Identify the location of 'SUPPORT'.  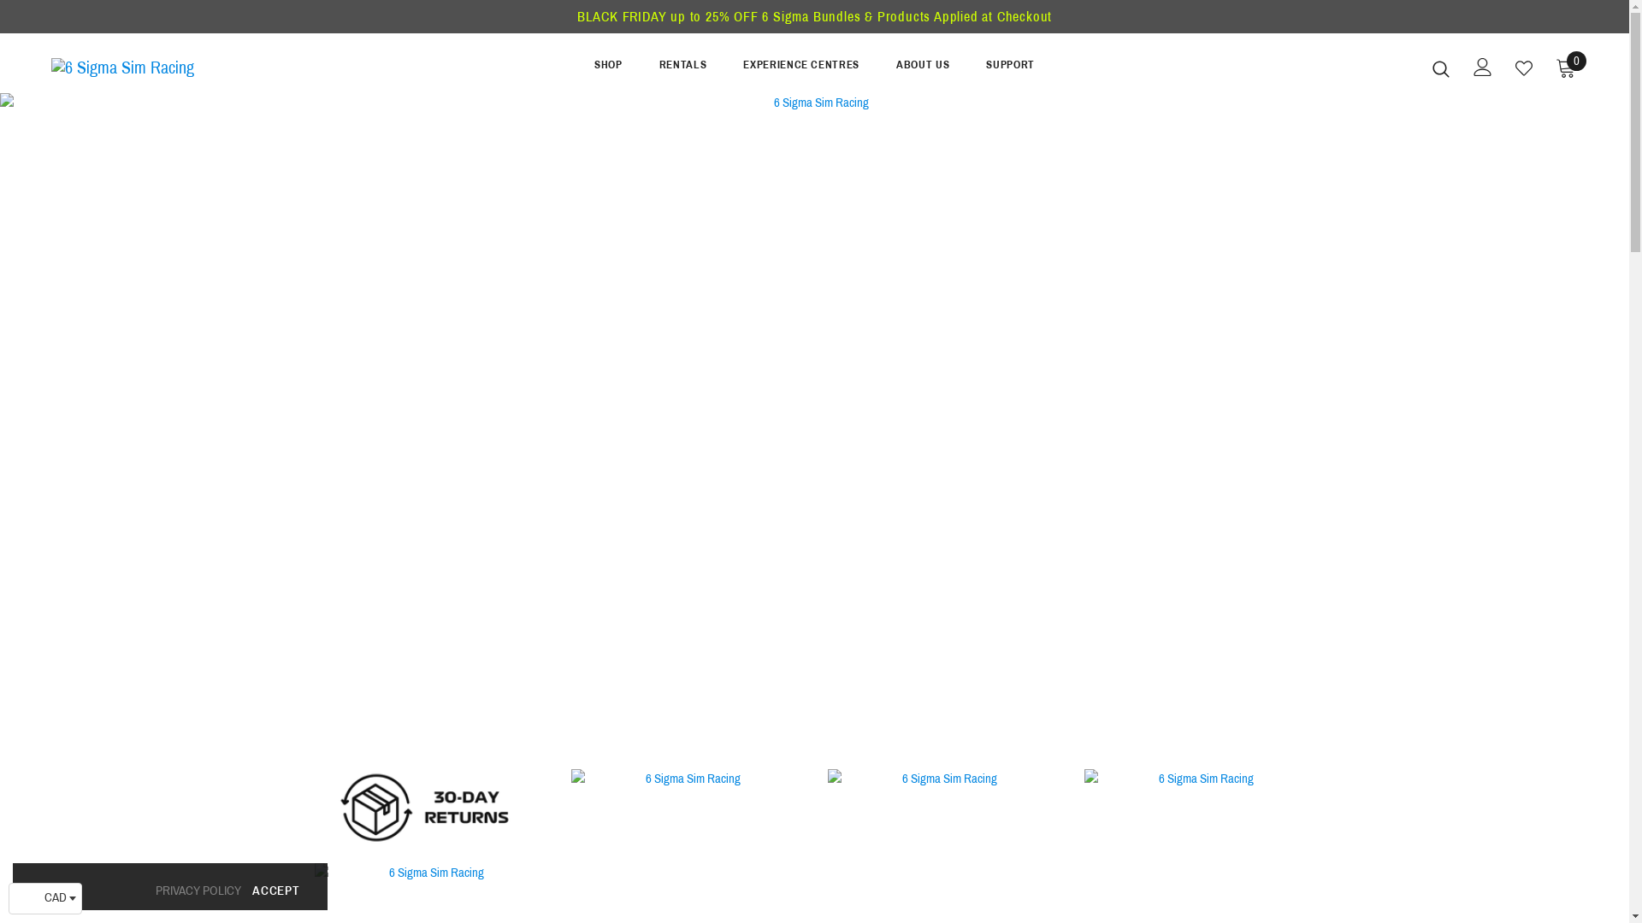
(1010, 68).